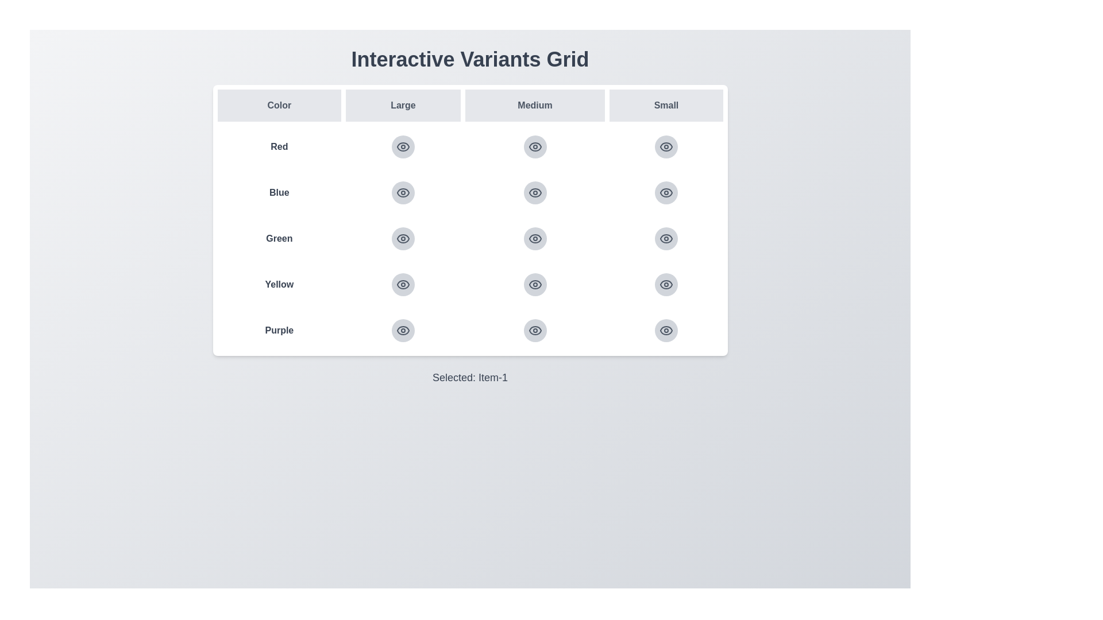 This screenshot has width=1103, height=620. Describe the element at coordinates (534, 284) in the screenshot. I see `the toggle/viewer button located in the 'Yellow' row under the 'Medium' column` at that location.